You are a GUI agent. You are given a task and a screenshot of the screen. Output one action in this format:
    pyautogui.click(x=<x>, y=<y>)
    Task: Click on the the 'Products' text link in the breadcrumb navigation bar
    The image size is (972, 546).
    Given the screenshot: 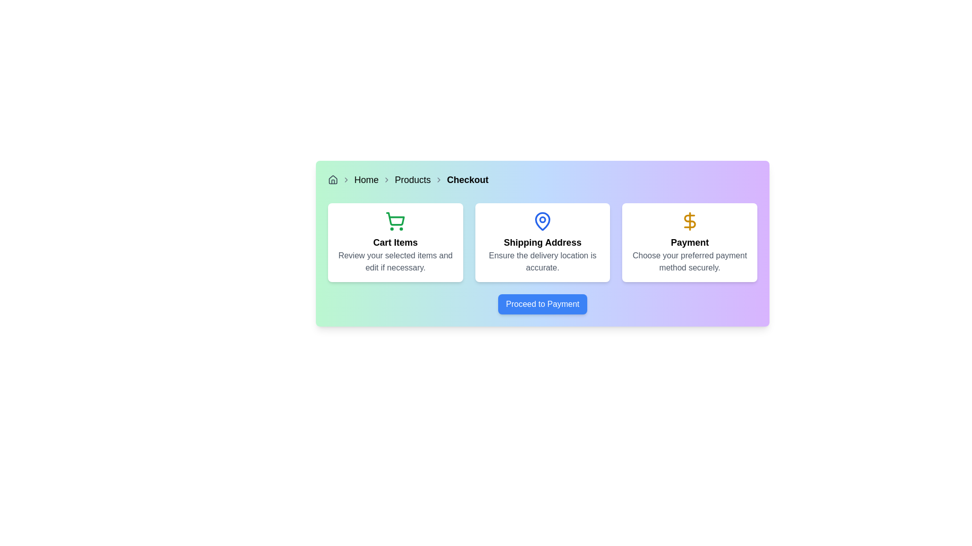 What is the action you would take?
    pyautogui.click(x=413, y=179)
    